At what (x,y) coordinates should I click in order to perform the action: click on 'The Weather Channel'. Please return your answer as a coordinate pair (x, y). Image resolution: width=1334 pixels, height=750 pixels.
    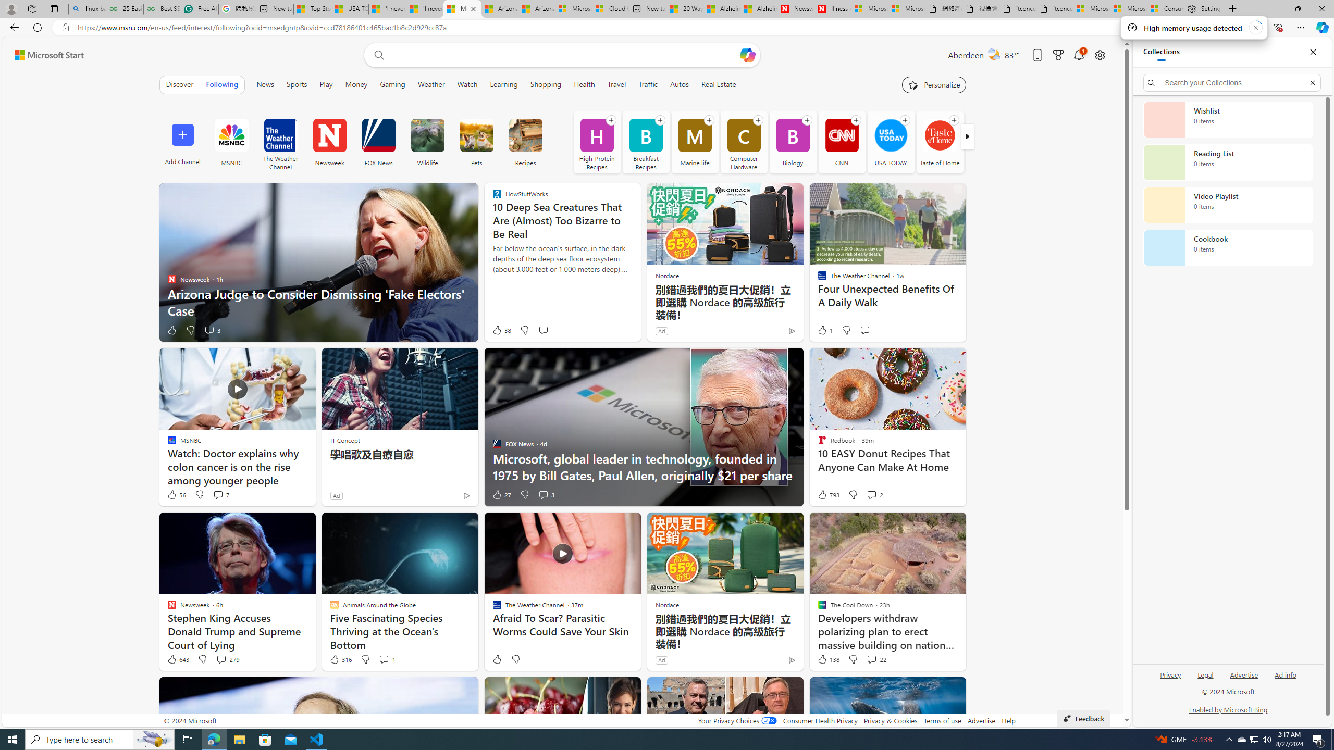
    Looking at the image, I should click on (280, 141).